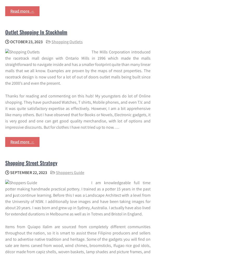 Image resolution: width=234 pixels, height=255 pixels. What do you see at coordinates (25, 41) in the screenshot?
I see `'October 23, 2023'` at bounding box center [25, 41].